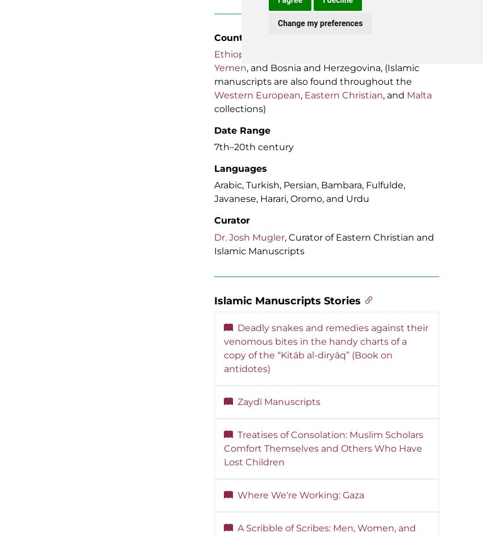 This screenshot has width=483, height=537. I want to click on 'Dr. Josh Mugler', so click(249, 236).